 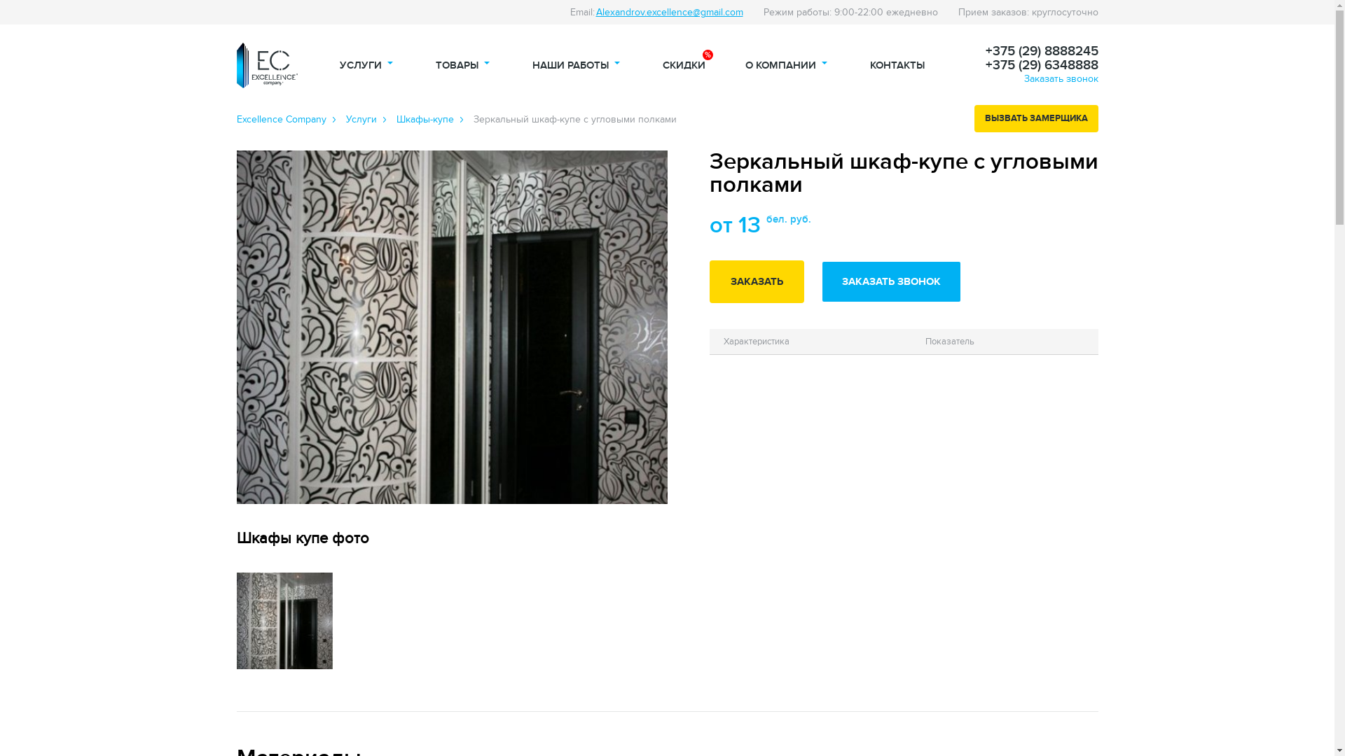 I want to click on 'Alexandrov.excellence@gmail.com', so click(x=668, y=12).